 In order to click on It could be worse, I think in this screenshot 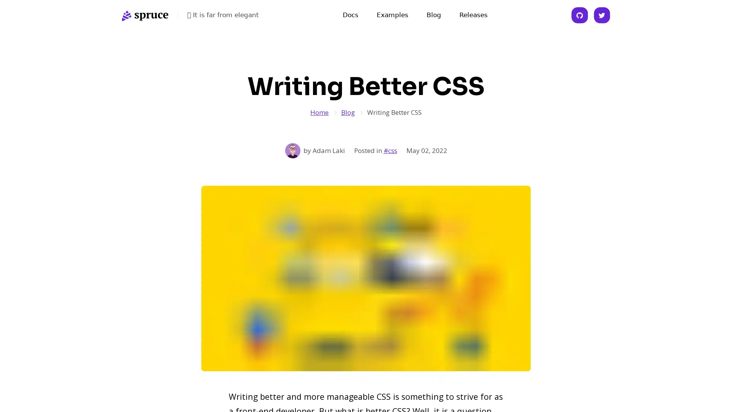, I will do `click(225, 15)`.